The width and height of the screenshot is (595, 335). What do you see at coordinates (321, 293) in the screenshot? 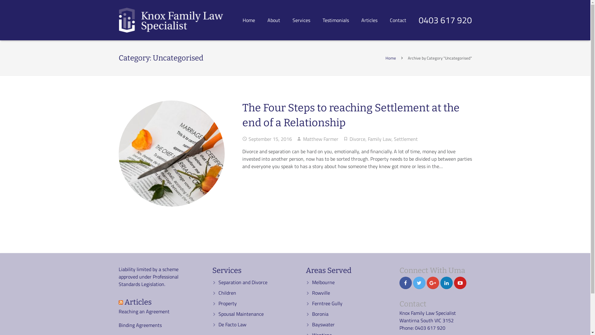
I see `'Rowville'` at bounding box center [321, 293].